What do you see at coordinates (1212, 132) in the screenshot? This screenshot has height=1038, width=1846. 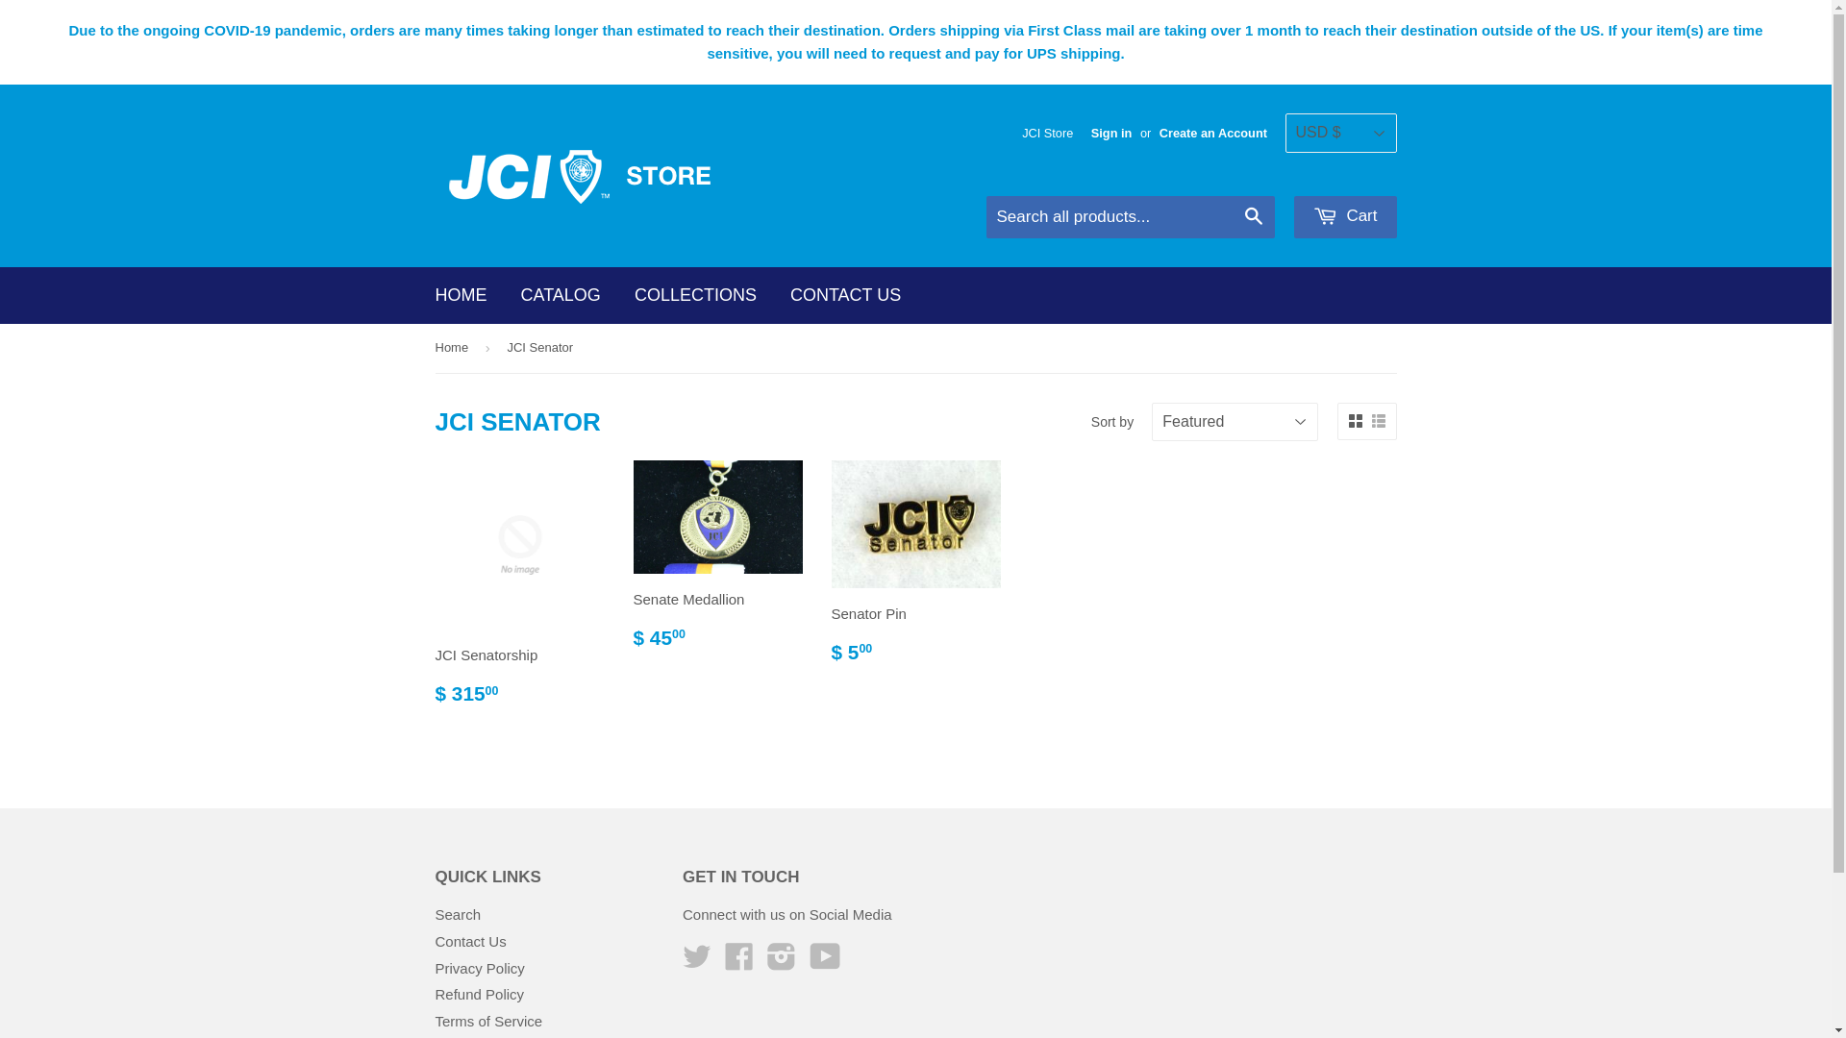 I see `'Create an Account'` at bounding box center [1212, 132].